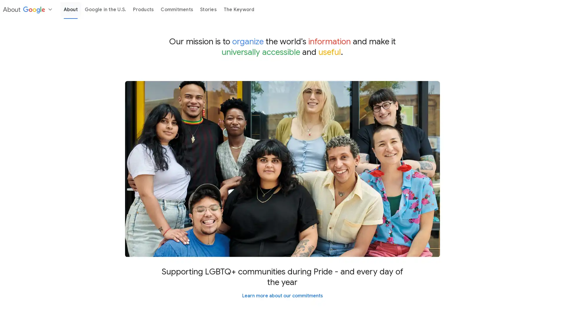 Image resolution: width=565 pixels, height=317 pixels. Describe the element at coordinates (28, 9) in the screenshot. I see `About Google` at that location.